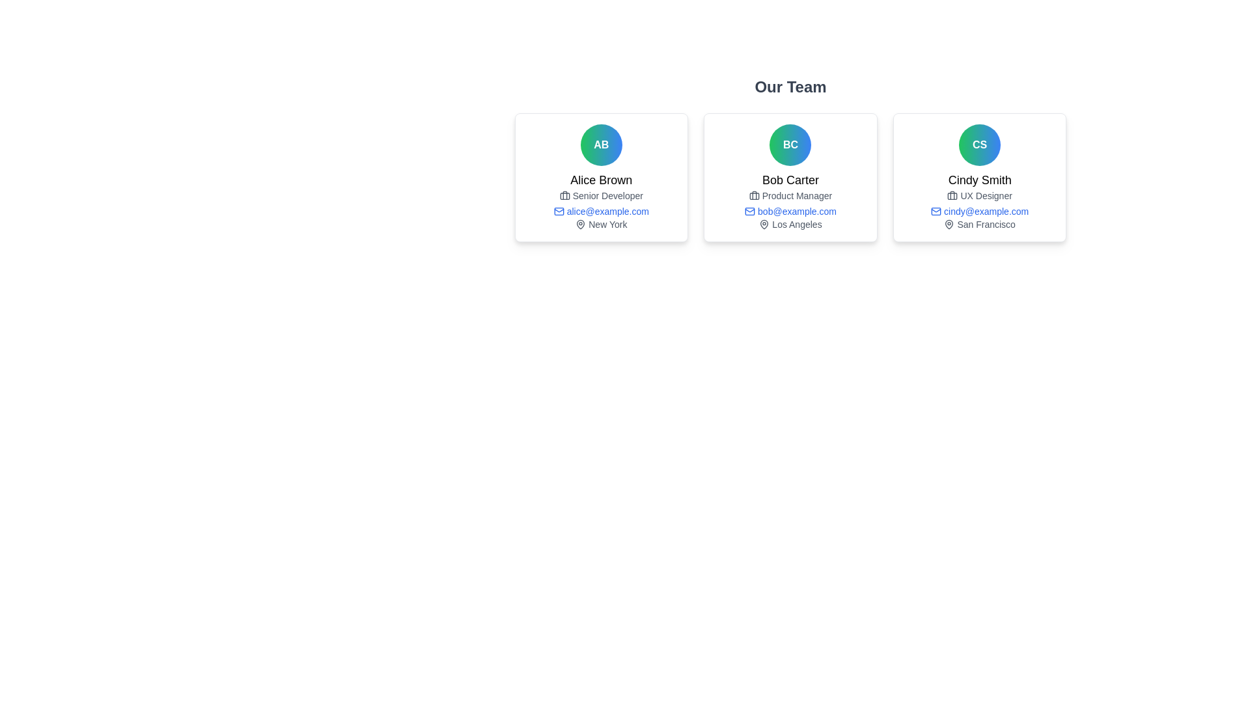  Describe the element at coordinates (750, 210) in the screenshot. I see `the email icon indicating the user 'bob@example.com' located in the second user card of the 'Our Team' section` at that location.